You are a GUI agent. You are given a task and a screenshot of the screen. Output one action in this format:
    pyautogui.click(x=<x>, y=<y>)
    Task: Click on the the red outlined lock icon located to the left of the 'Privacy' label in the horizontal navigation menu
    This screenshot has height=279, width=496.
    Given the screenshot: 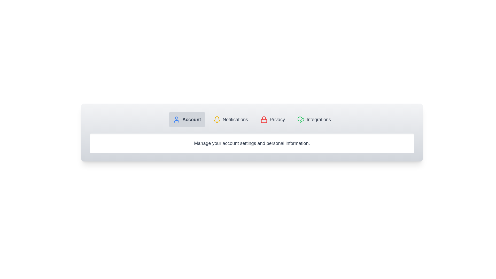 What is the action you would take?
    pyautogui.click(x=264, y=119)
    